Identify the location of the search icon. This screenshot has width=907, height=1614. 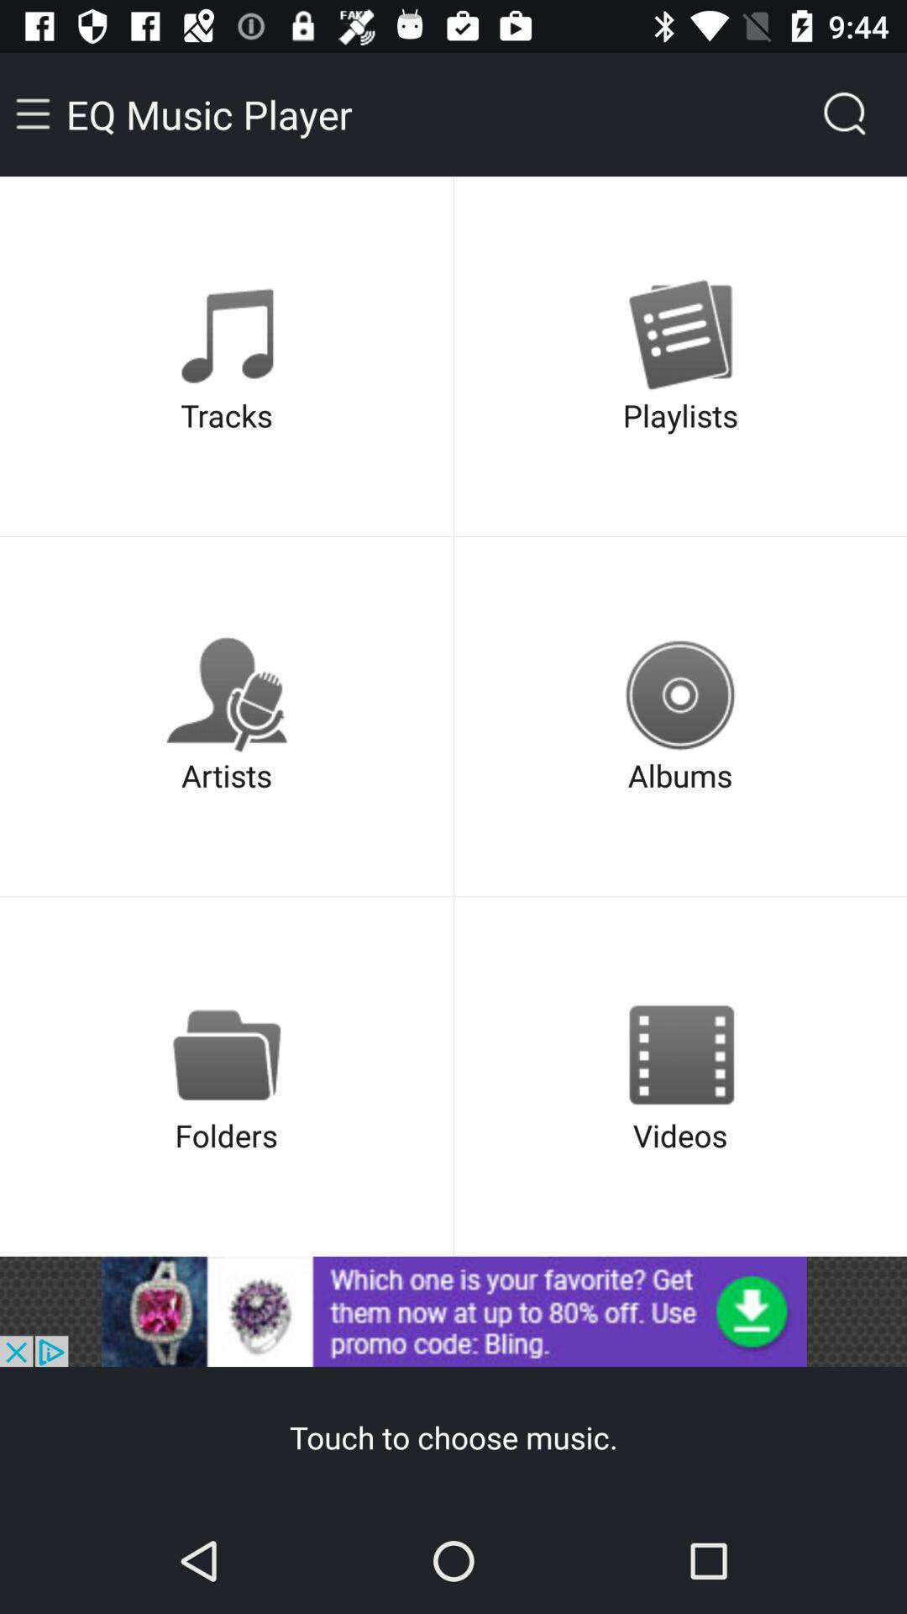
(845, 113).